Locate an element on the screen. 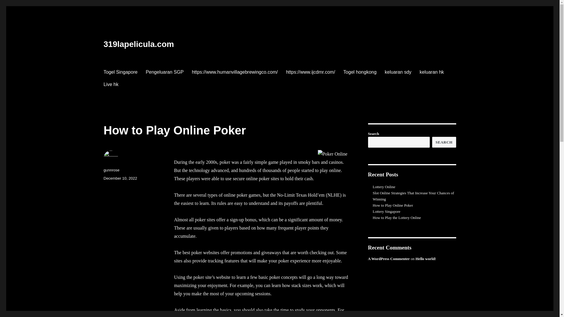 The image size is (564, 317). 'keluaran hk' is located at coordinates (432, 72).